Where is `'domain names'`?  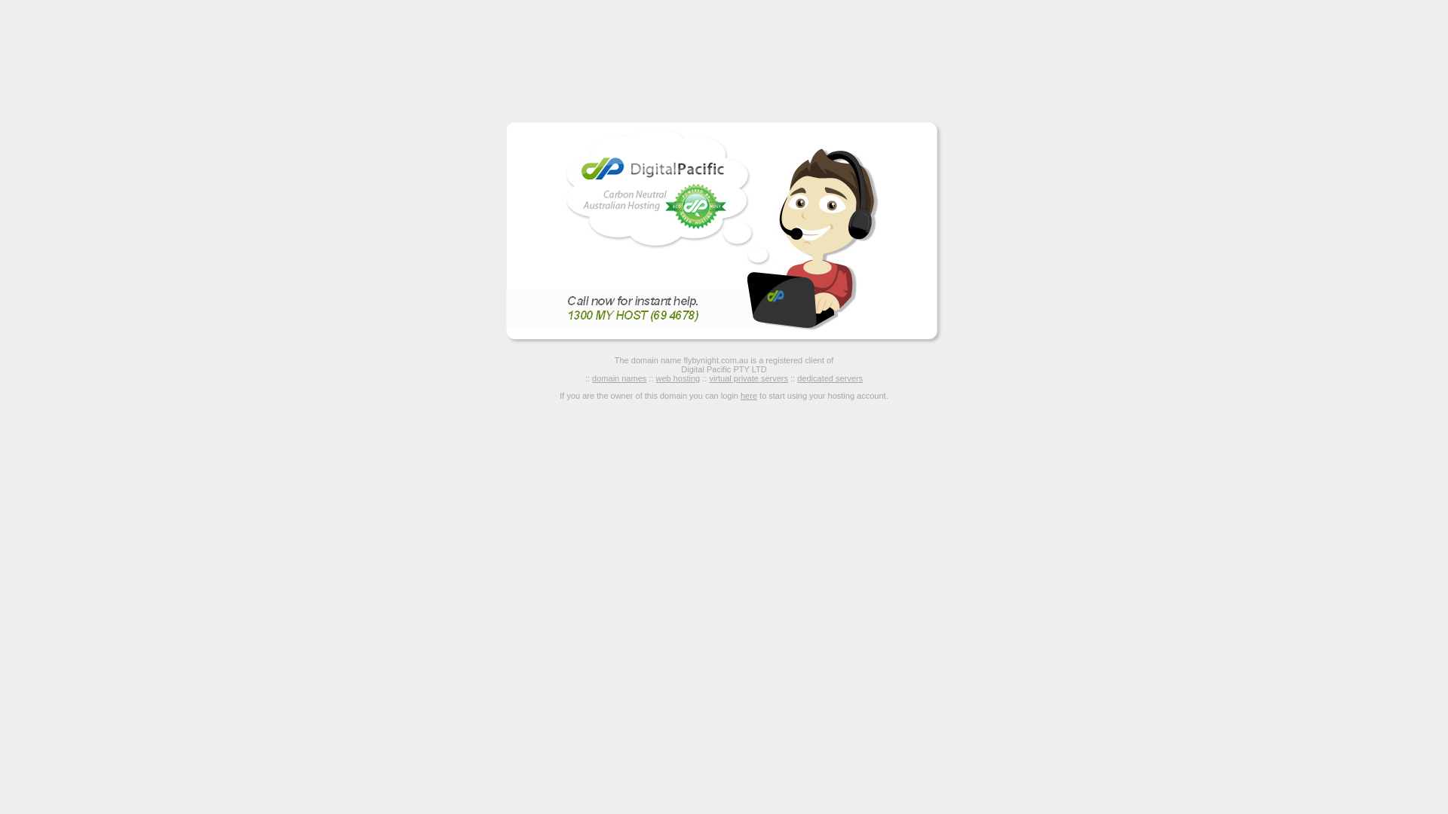
'domain names' is located at coordinates (591, 377).